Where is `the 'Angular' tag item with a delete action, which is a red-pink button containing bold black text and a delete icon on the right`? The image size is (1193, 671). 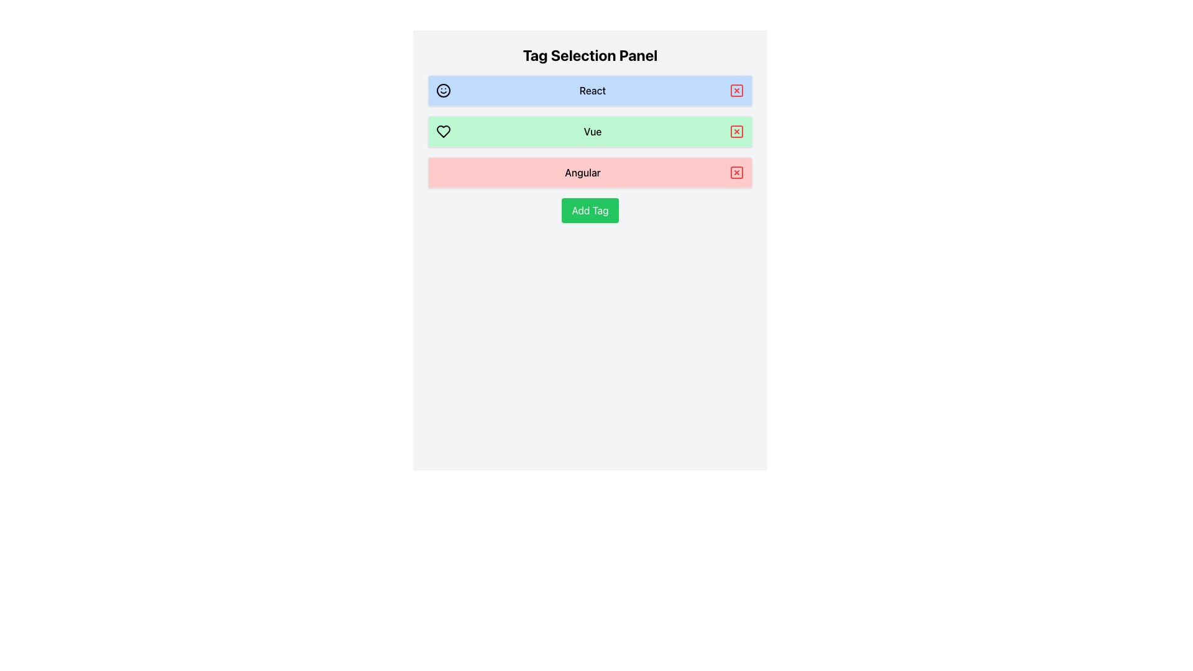
the 'Angular' tag item with a delete action, which is a red-pink button containing bold black text and a delete icon on the right is located at coordinates (590, 172).